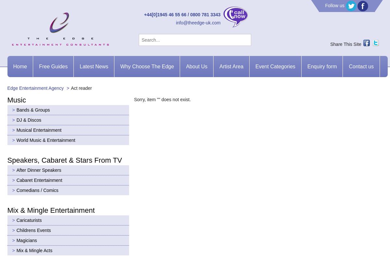 The width and height of the screenshot is (390, 258). Describe the element at coordinates (45, 140) in the screenshot. I see `'World Music & Entertainment'` at that location.